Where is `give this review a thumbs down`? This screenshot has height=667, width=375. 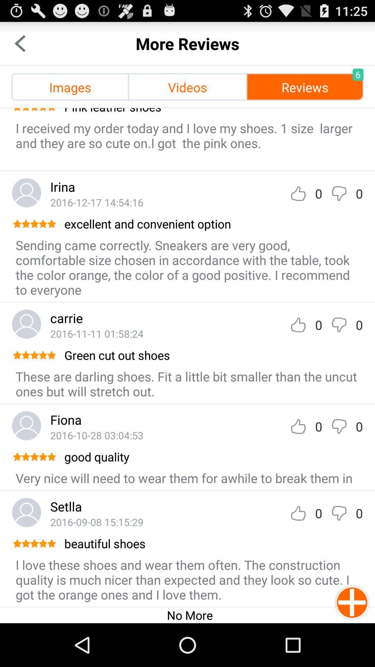
give this review a thumbs down is located at coordinates (339, 324).